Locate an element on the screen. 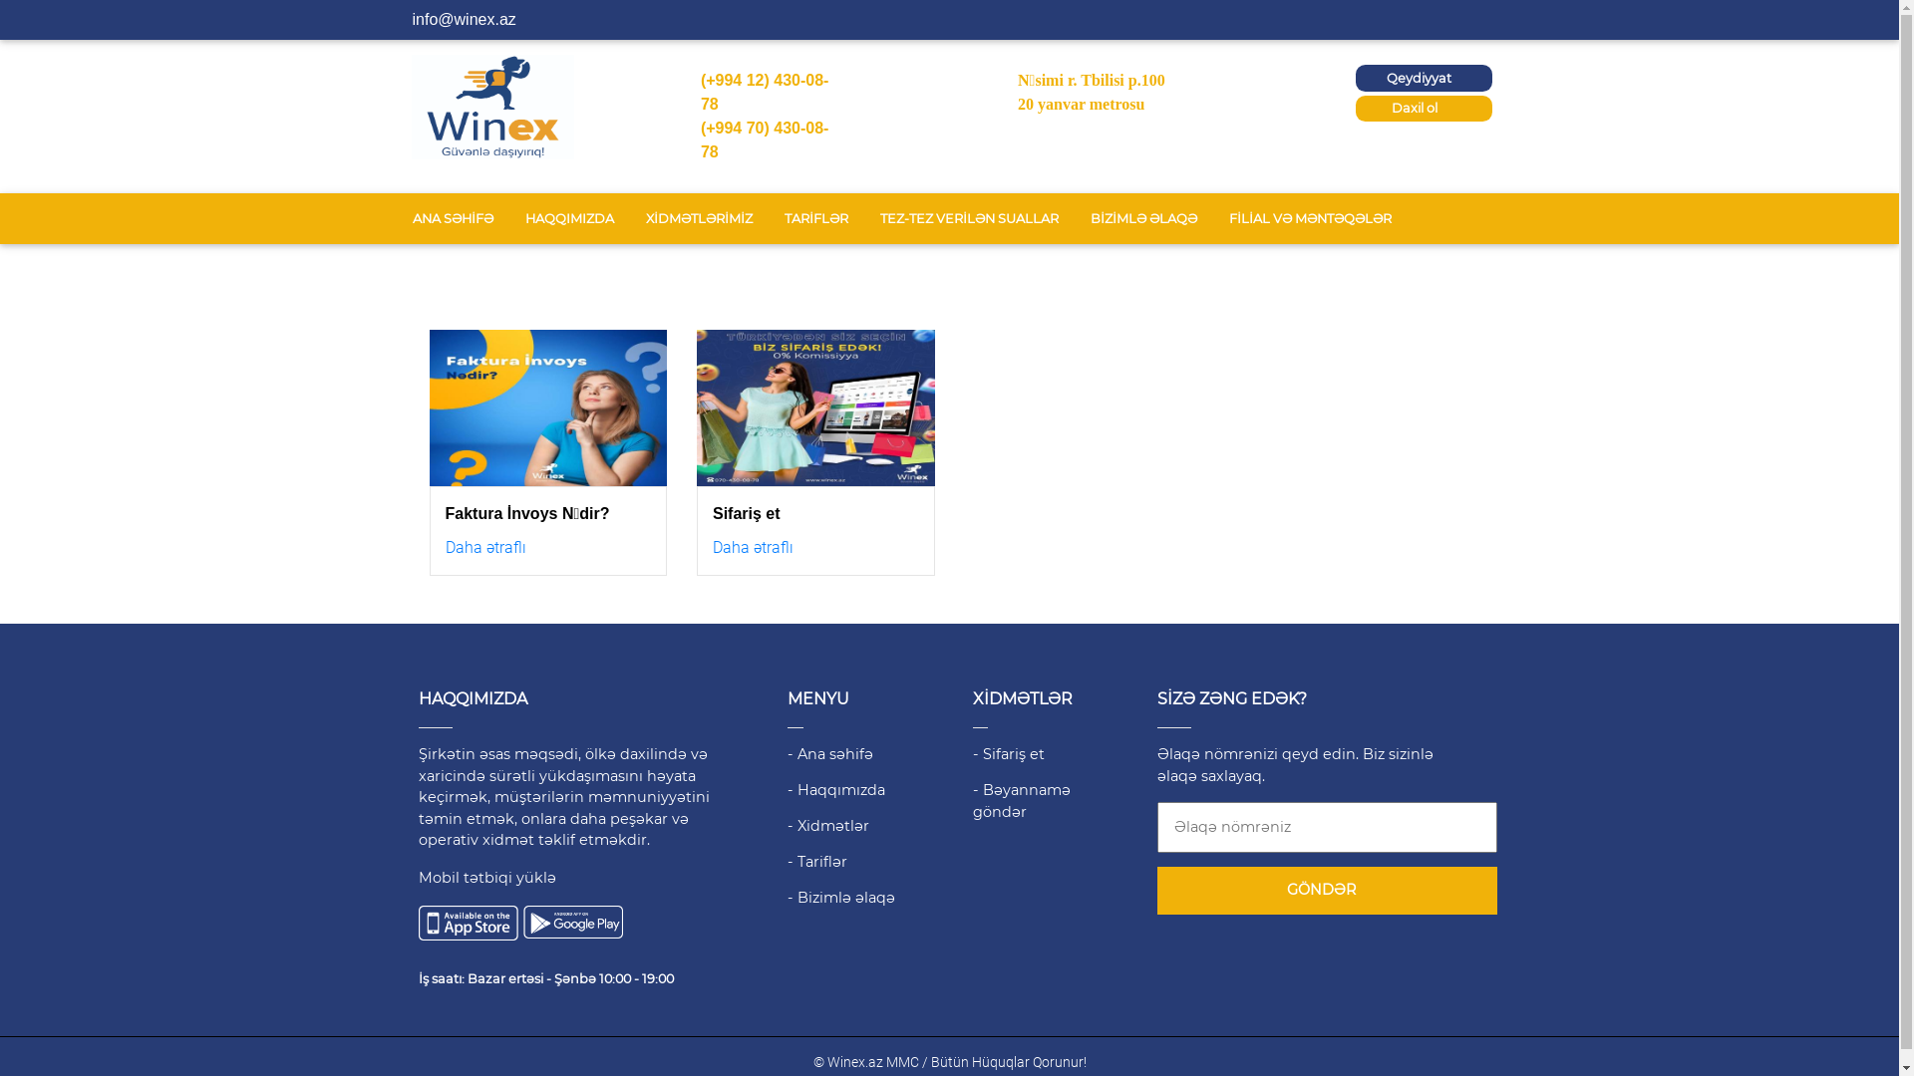 The image size is (1914, 1076). '(+994 12) 430-08-78' is located at coordinates (764, 92).